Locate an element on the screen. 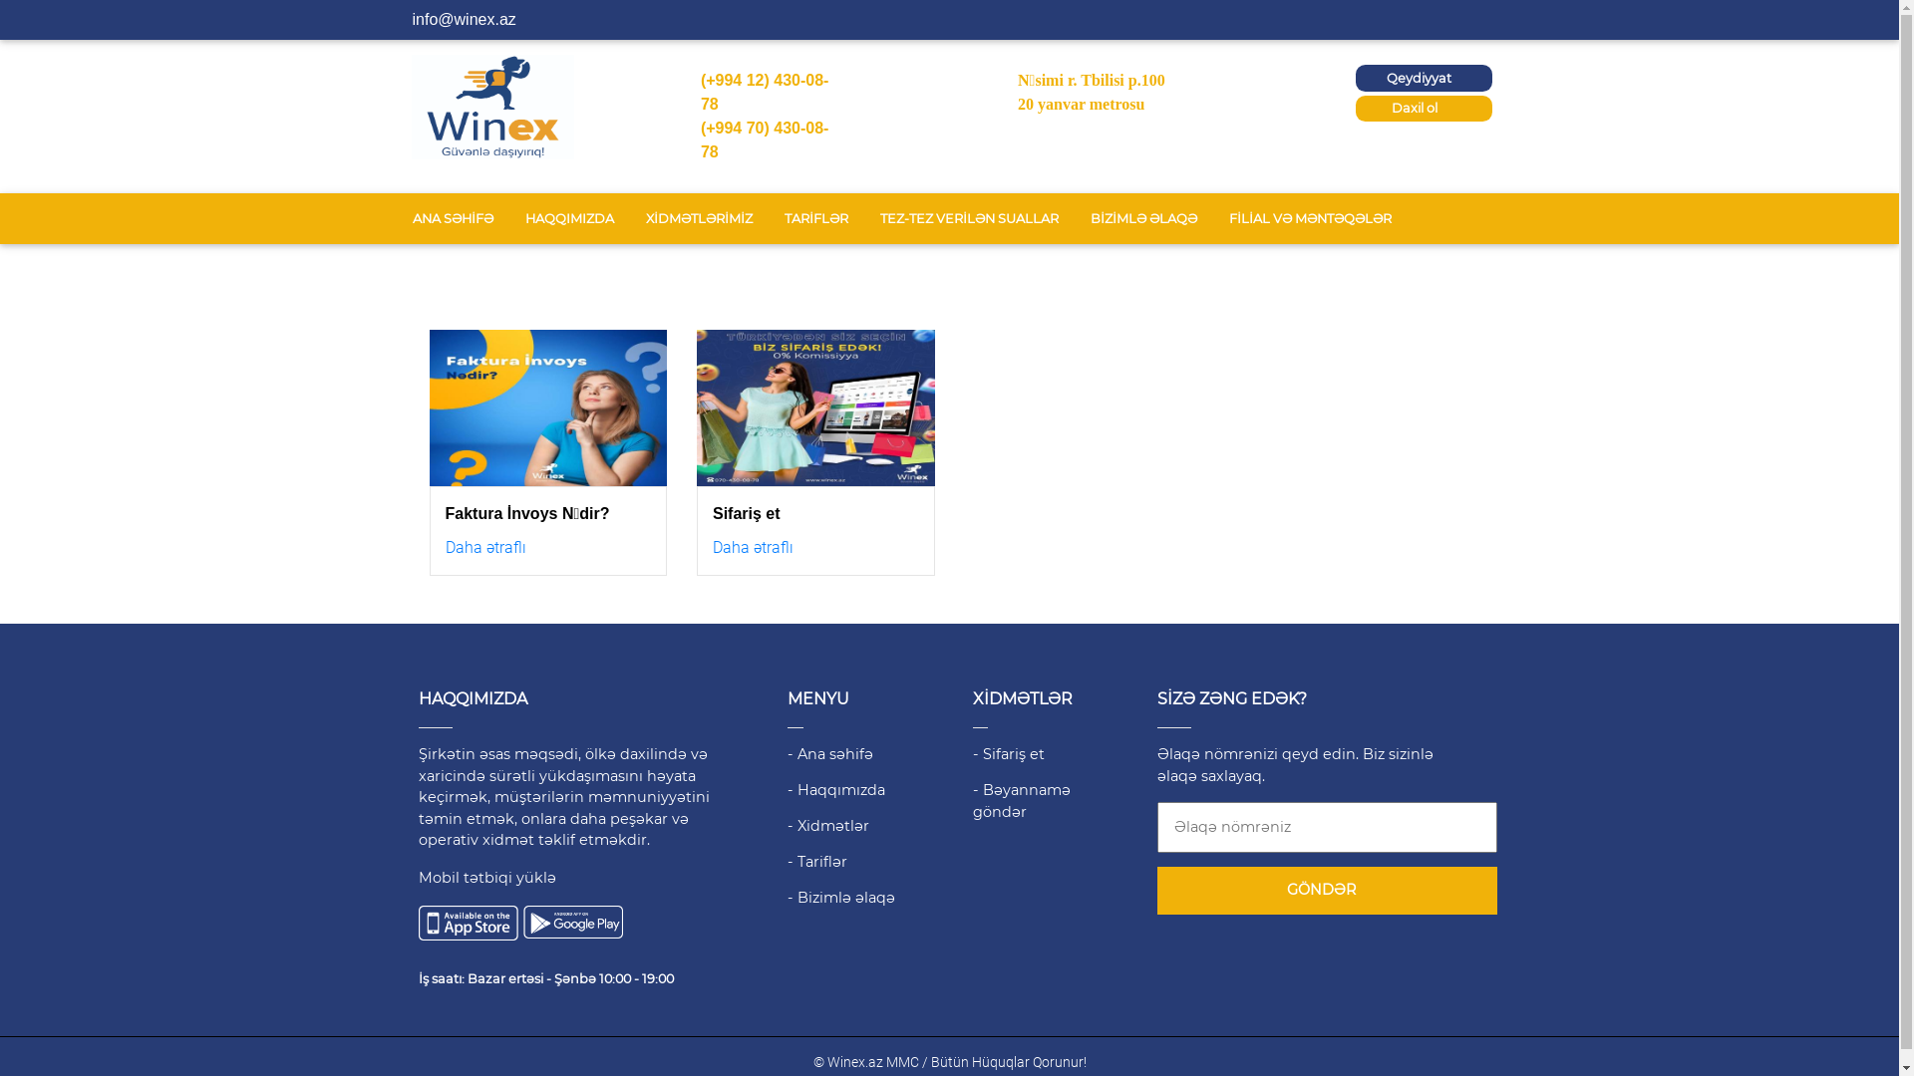 The image size is (1914, 1076). '(+994 12) 430-08-78' is located at coordinates (764, 92).